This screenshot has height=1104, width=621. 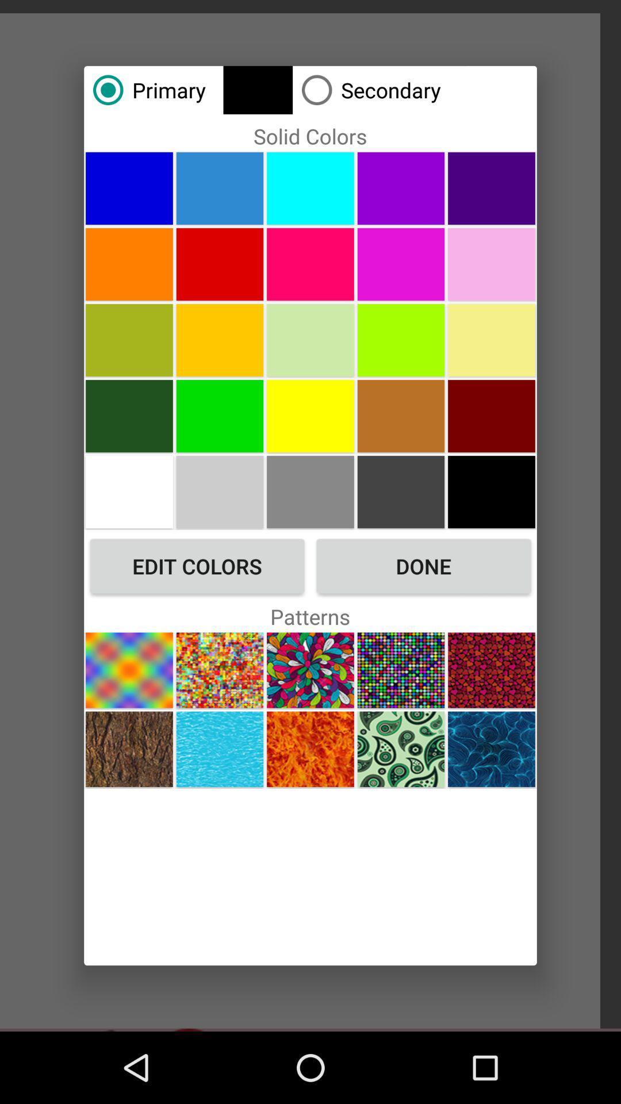 I want to click on color, so click(x=310, y=188).